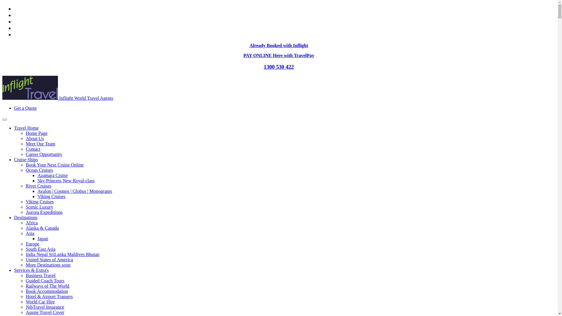 The image size is (562, 316). I want to click on 'South East Asia', so click(25, 249).